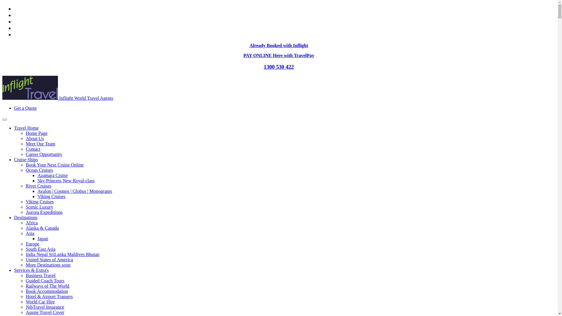 The image size is (562, 316). I want to click on 'South East Asia', so click(25, 249).